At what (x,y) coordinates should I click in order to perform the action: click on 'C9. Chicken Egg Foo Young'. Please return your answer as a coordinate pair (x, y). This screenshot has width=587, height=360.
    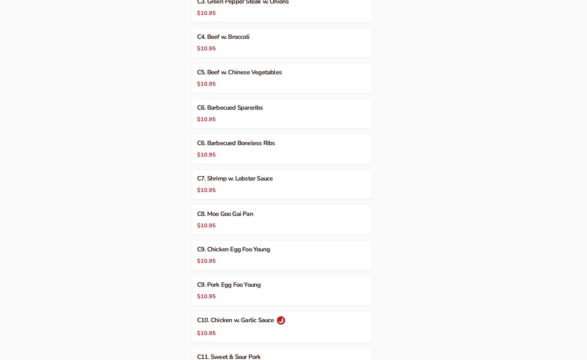
    Looking at the image, I should click on (233, 249).